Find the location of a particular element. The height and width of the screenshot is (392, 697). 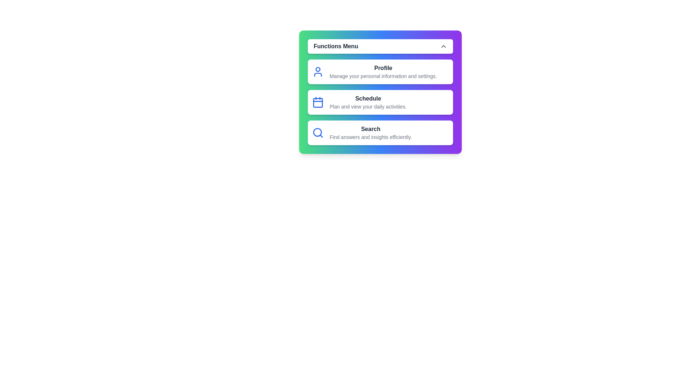

the description of the menu item Search is located at coordinates (380, 133).